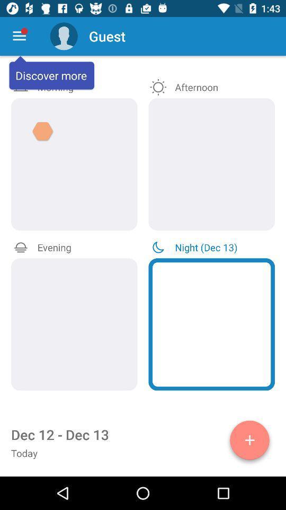 The image size is (286, 510). Describe the element at coordinates (249, 442) in the screenshot. I see `date` at that location.